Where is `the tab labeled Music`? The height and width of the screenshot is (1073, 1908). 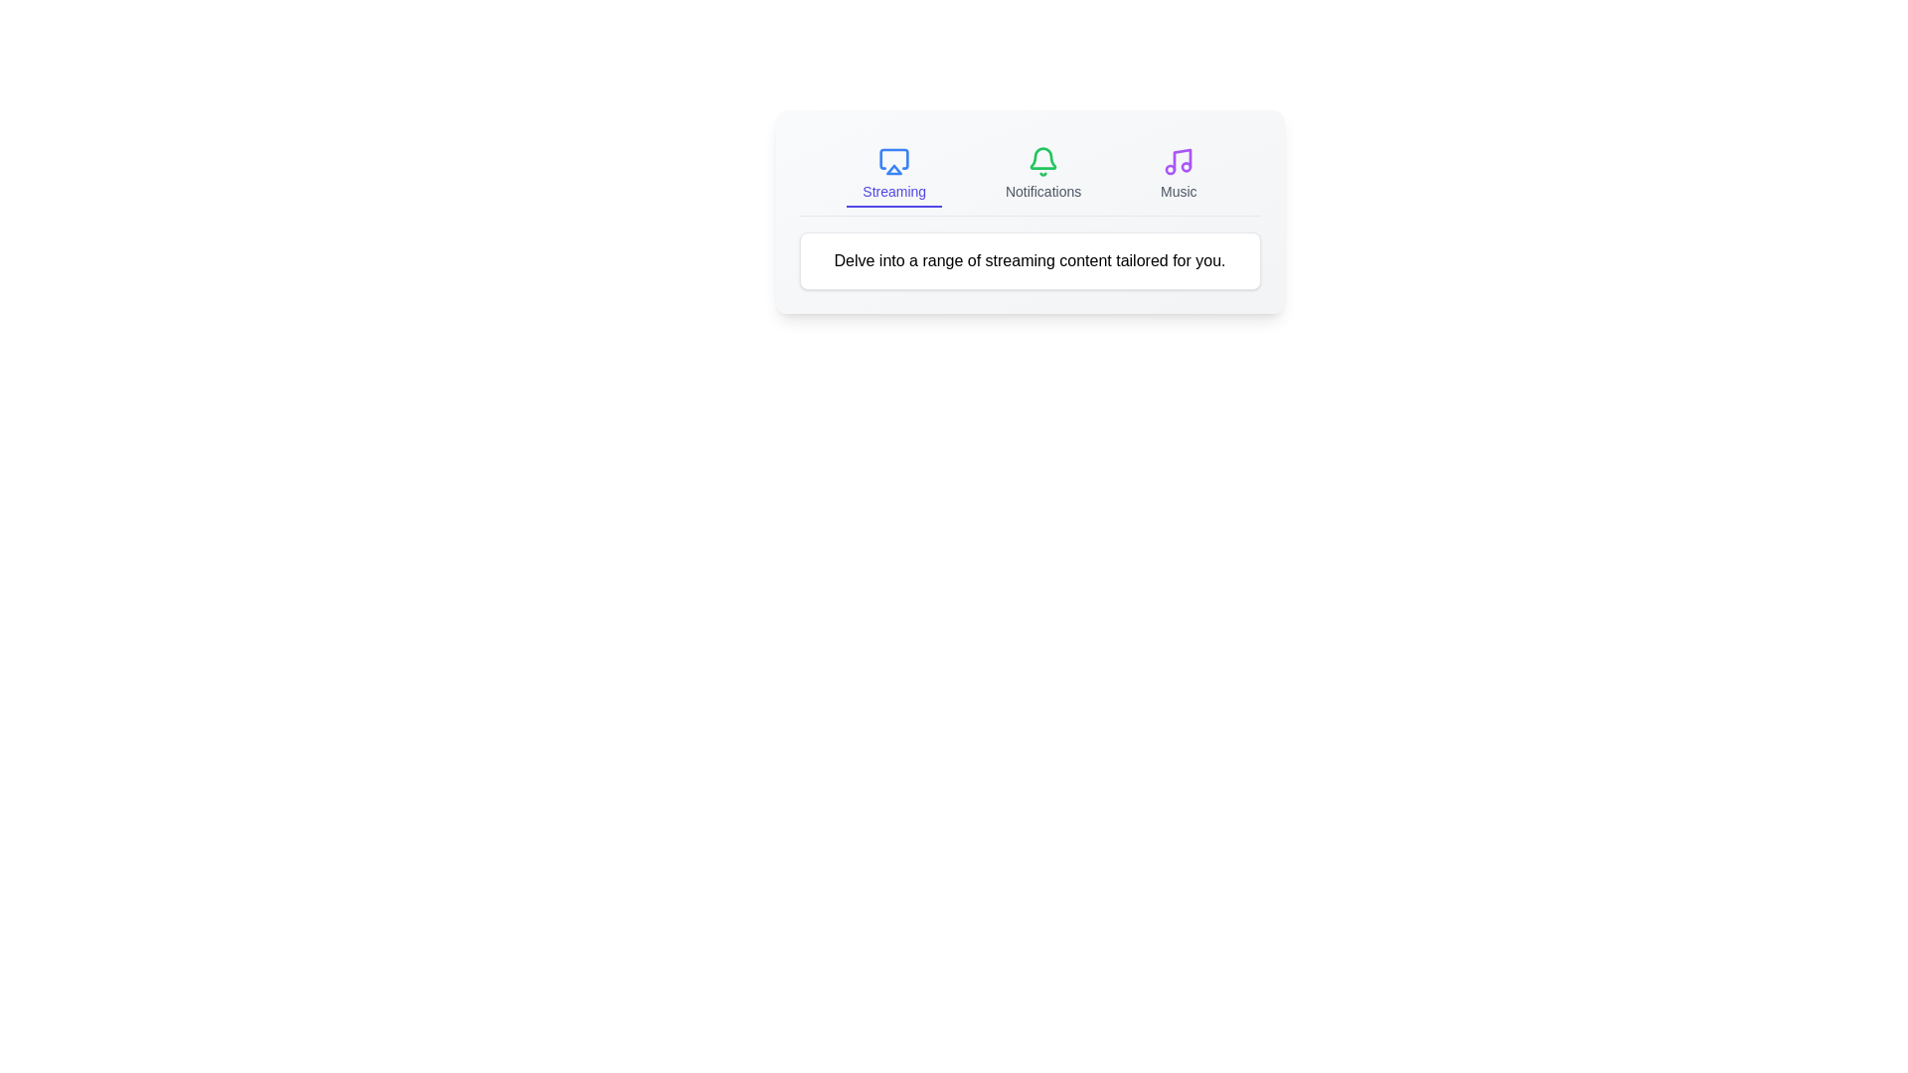 the tab labeled Music is located at coordinates (1179, 174).